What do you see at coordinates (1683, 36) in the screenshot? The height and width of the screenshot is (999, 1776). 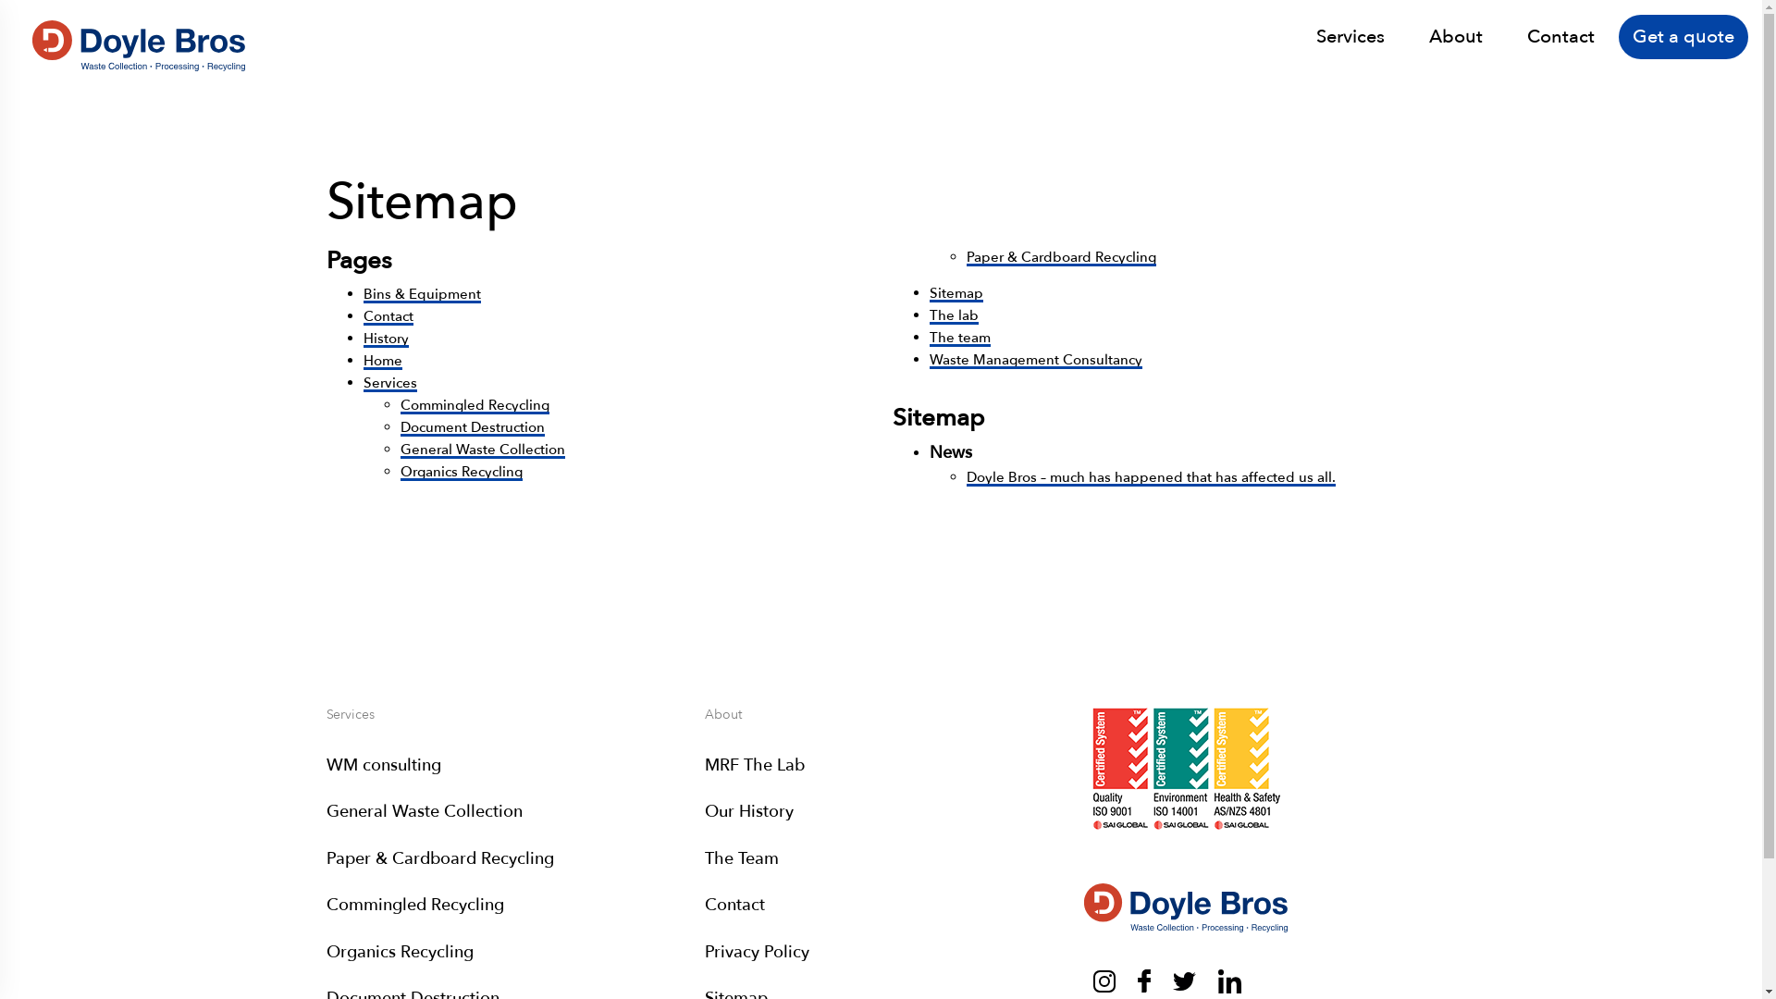 I see `'Get a quote'` at bounding box center [1683, 36].